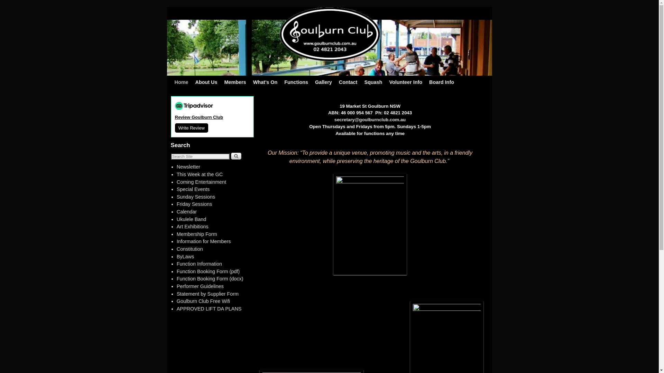 The height and width of the screenshot is (373, 664). Describe the element at coordinates (370, 119) in the screenshot. I see `'secretary@goulburnclub.com.au'` at that location.